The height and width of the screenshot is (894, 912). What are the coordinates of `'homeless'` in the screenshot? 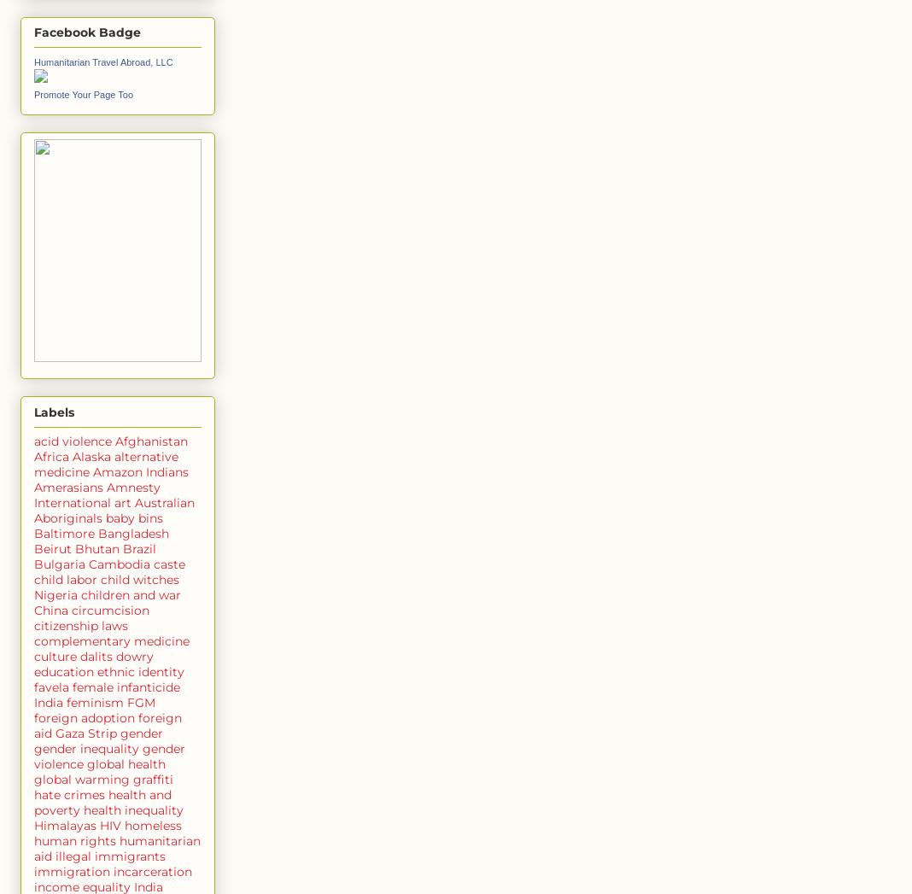 It's located at (153, 823).